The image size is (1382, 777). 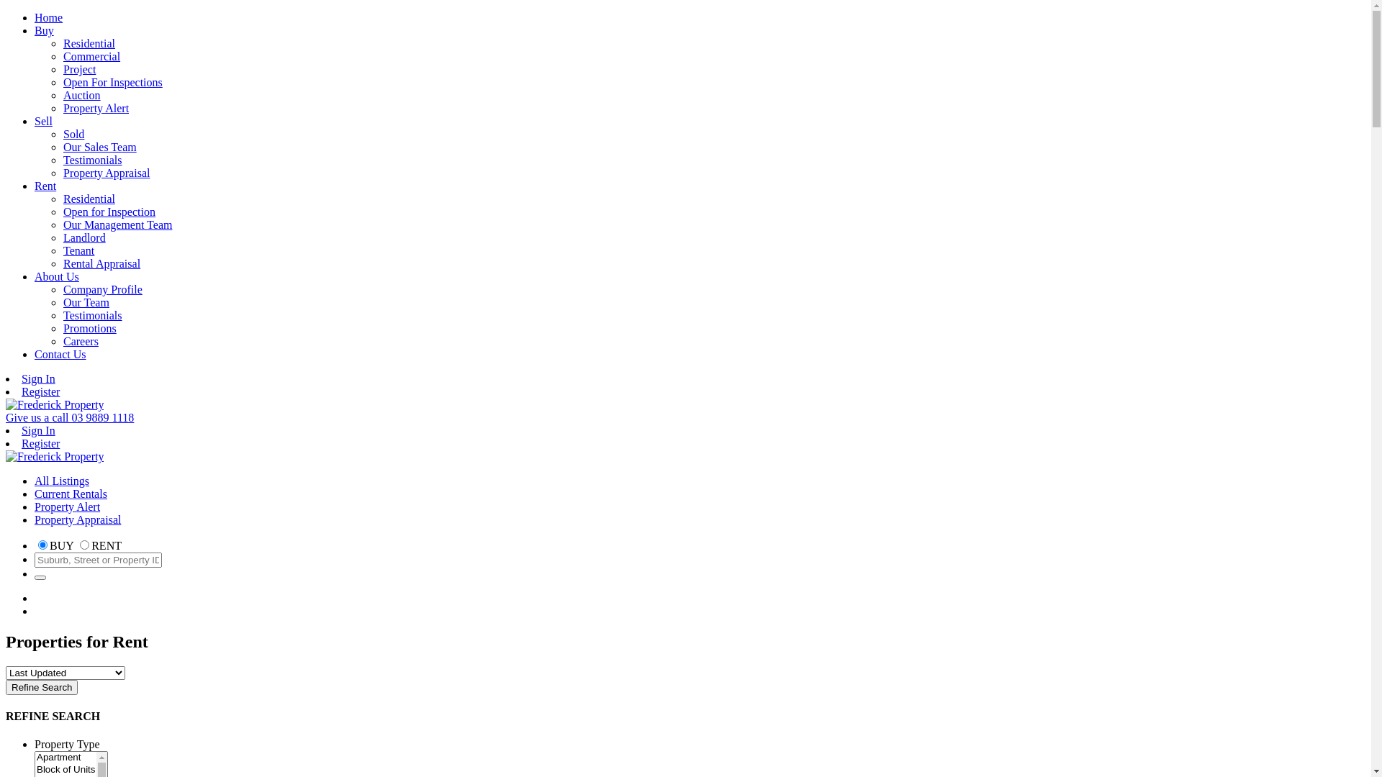 What do you see at coordinates (43, 120) in the screenshot?
I see `'Sell'` at bounding box center [43, 120].